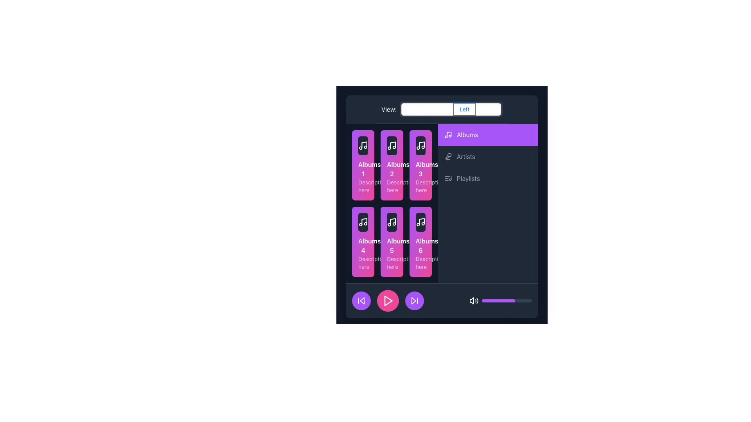  I want to click on the 'Top' radio button located at the far left of the group of buttons near the top left of the interface, so click(412, 109).